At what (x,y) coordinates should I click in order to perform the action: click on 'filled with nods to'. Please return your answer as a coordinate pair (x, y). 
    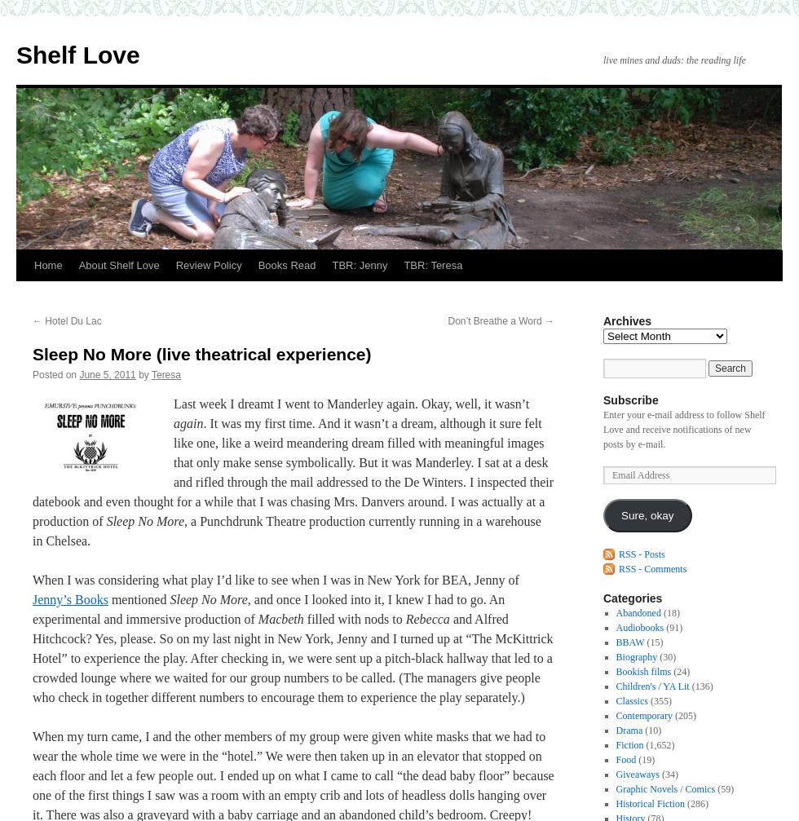
    Looking at the image, I should click on (354, 618).